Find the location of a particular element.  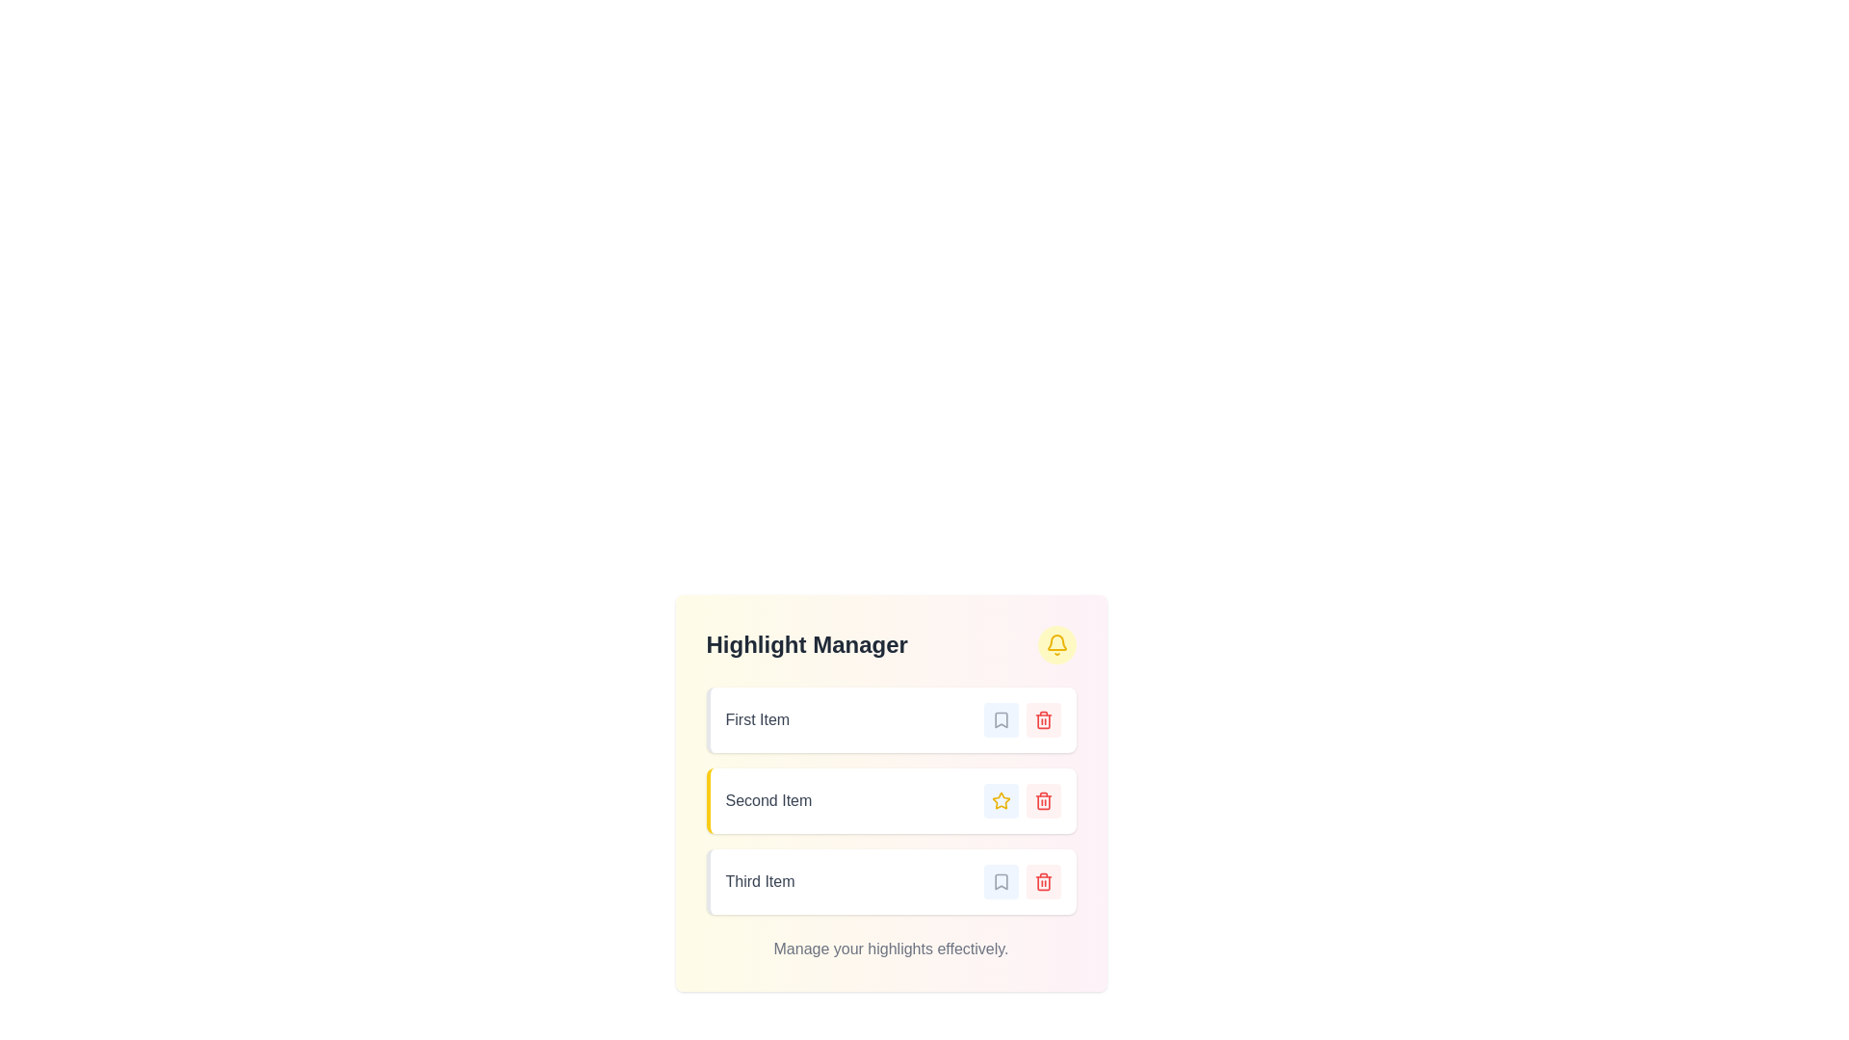

the Trash icon button on the far-right side of the 'Third Item' row in the 'Highlight Manager' section is located at coordinates (1042, 881).